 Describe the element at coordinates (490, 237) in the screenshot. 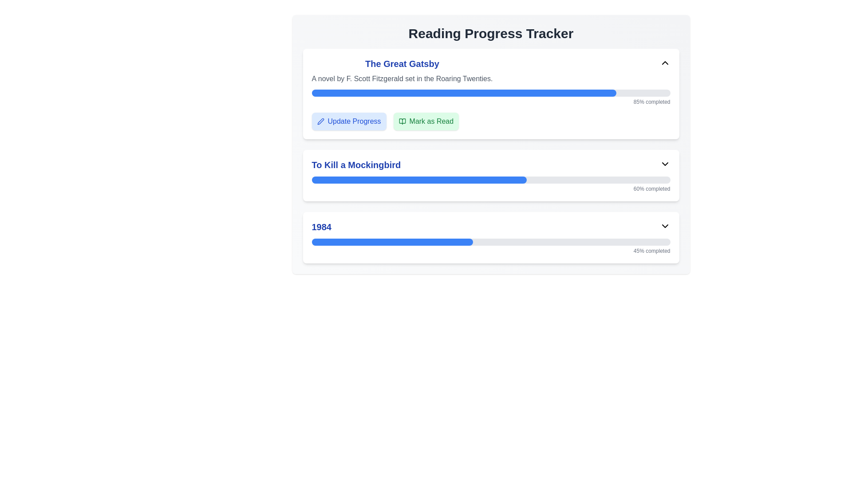

I see `the card containing the text '1984' and a progress bar representing 45% completion, located in the 'Reading Progress Tracker' section` at that location.